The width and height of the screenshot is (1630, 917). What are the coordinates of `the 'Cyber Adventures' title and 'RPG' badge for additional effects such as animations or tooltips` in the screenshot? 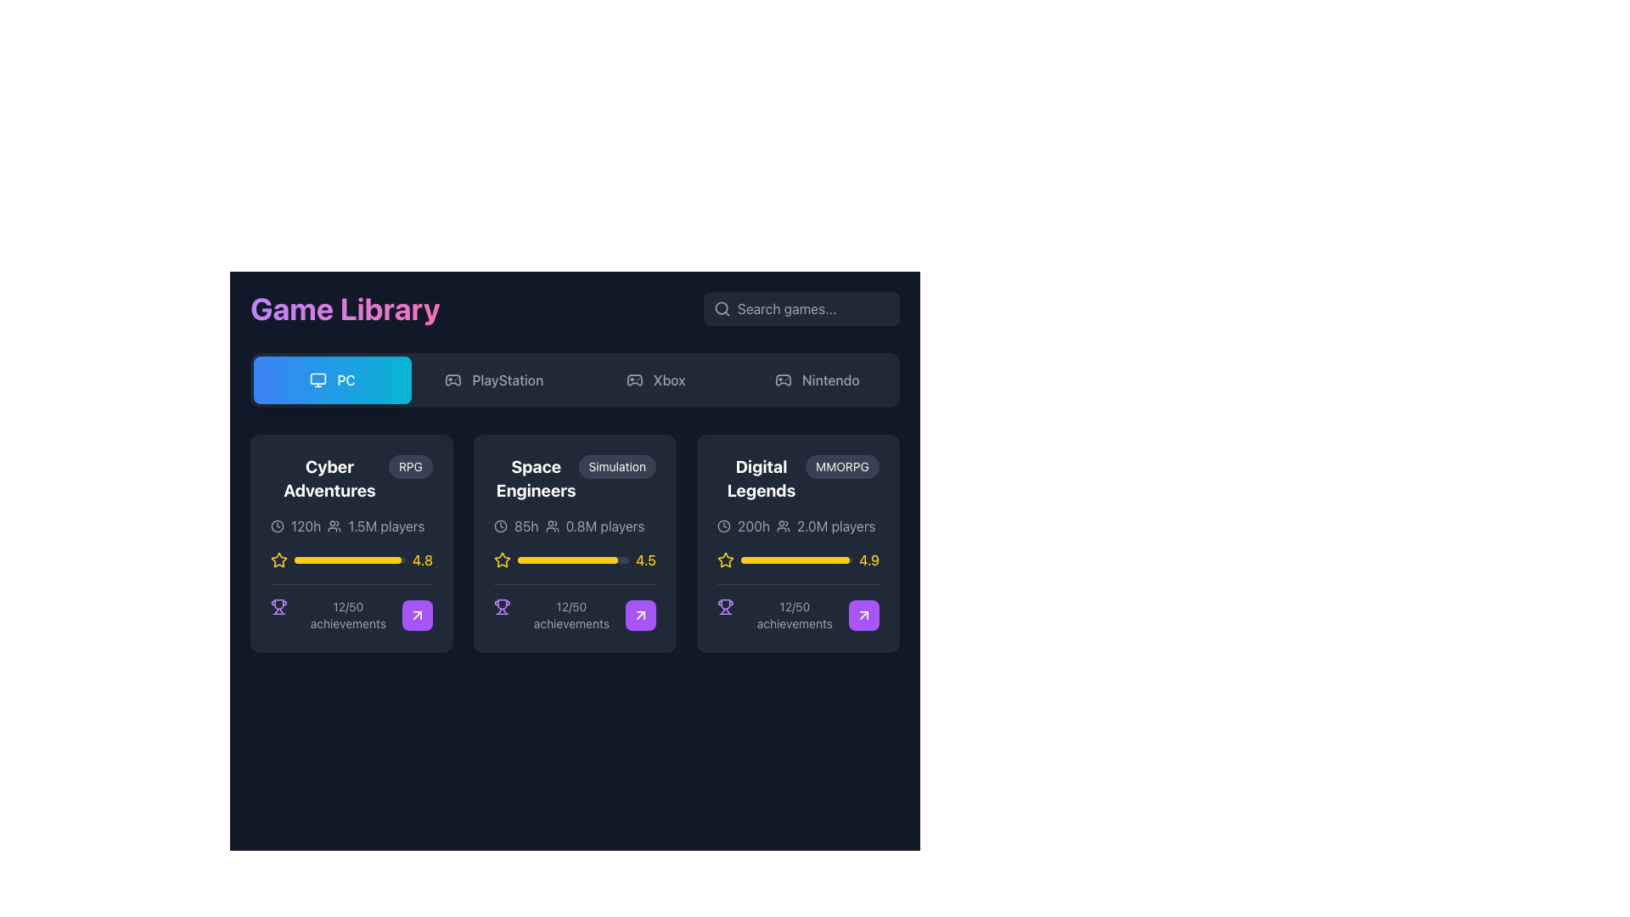 It's located at (351, 478).